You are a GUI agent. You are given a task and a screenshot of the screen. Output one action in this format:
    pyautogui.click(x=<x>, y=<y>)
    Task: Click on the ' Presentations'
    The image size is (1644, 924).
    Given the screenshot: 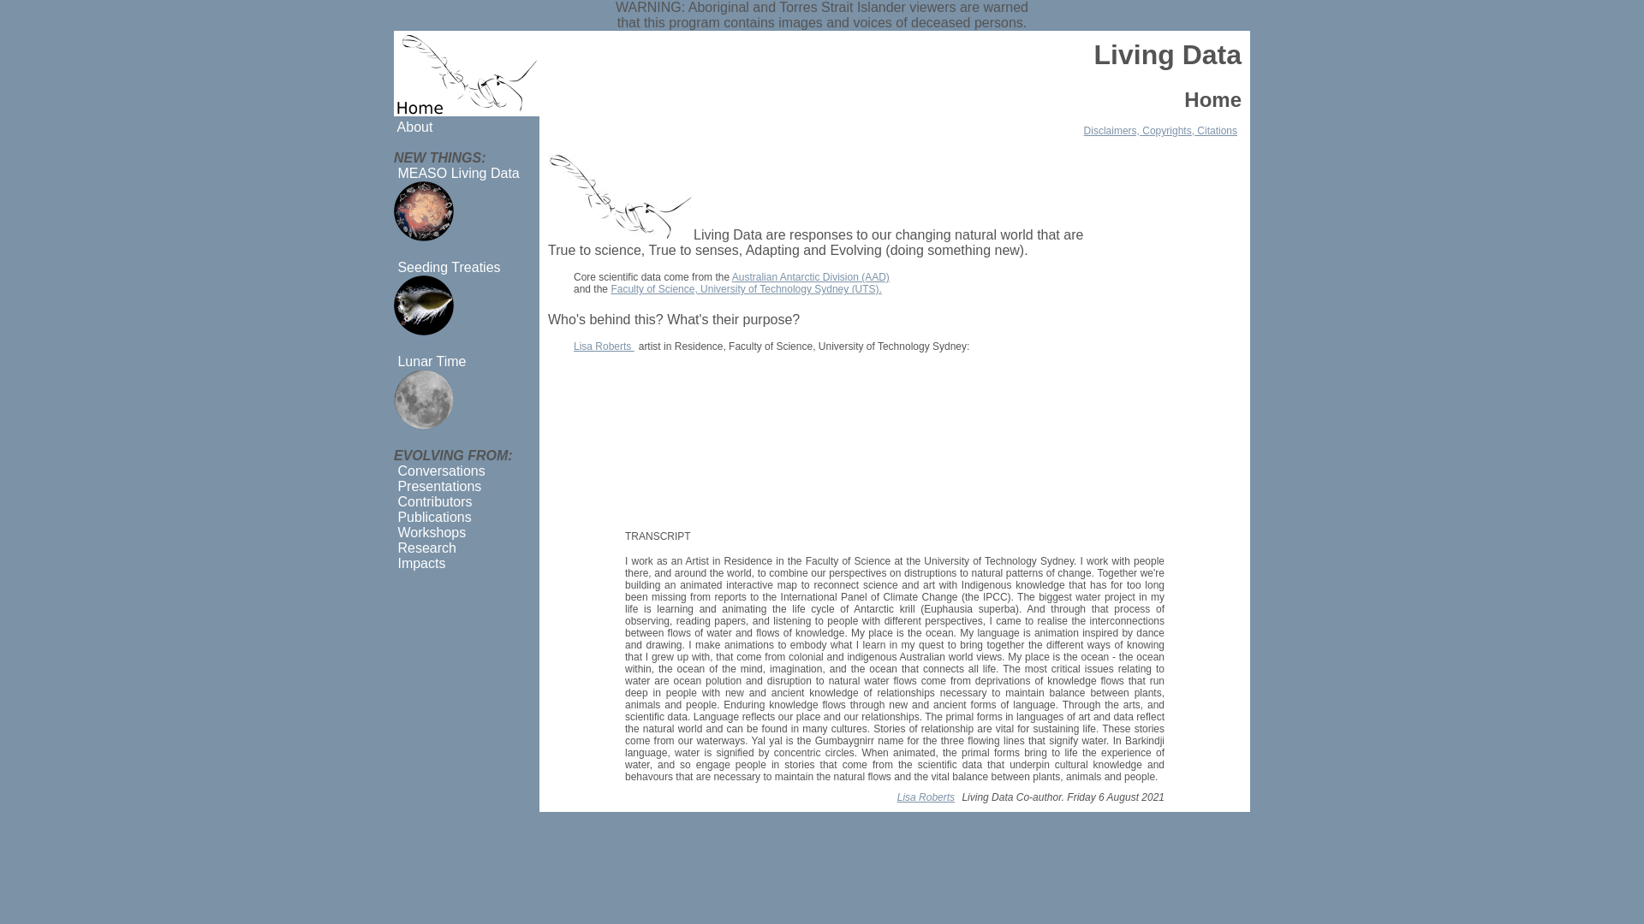 What is the action you would take?
    pyautogui.click(x=437, y=486)
    